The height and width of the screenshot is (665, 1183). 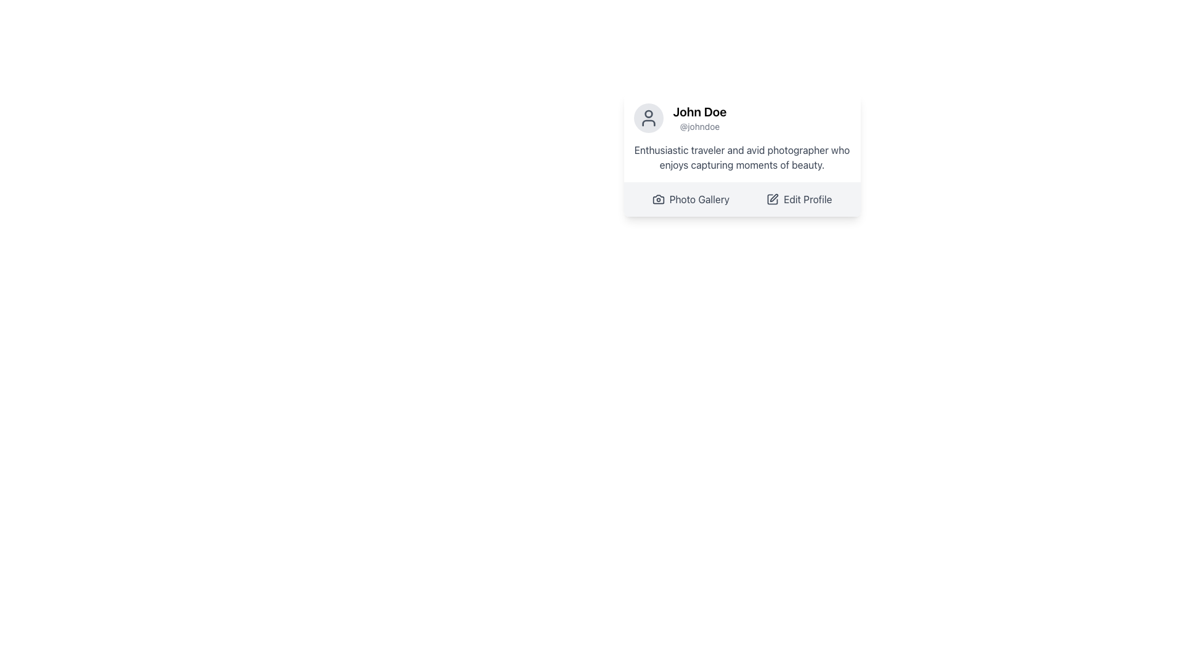 What do you see at coordinates (691, 199) in the screenshot?
I see `the leftmost button located below the user profile section` at bounding box center [691, 199].